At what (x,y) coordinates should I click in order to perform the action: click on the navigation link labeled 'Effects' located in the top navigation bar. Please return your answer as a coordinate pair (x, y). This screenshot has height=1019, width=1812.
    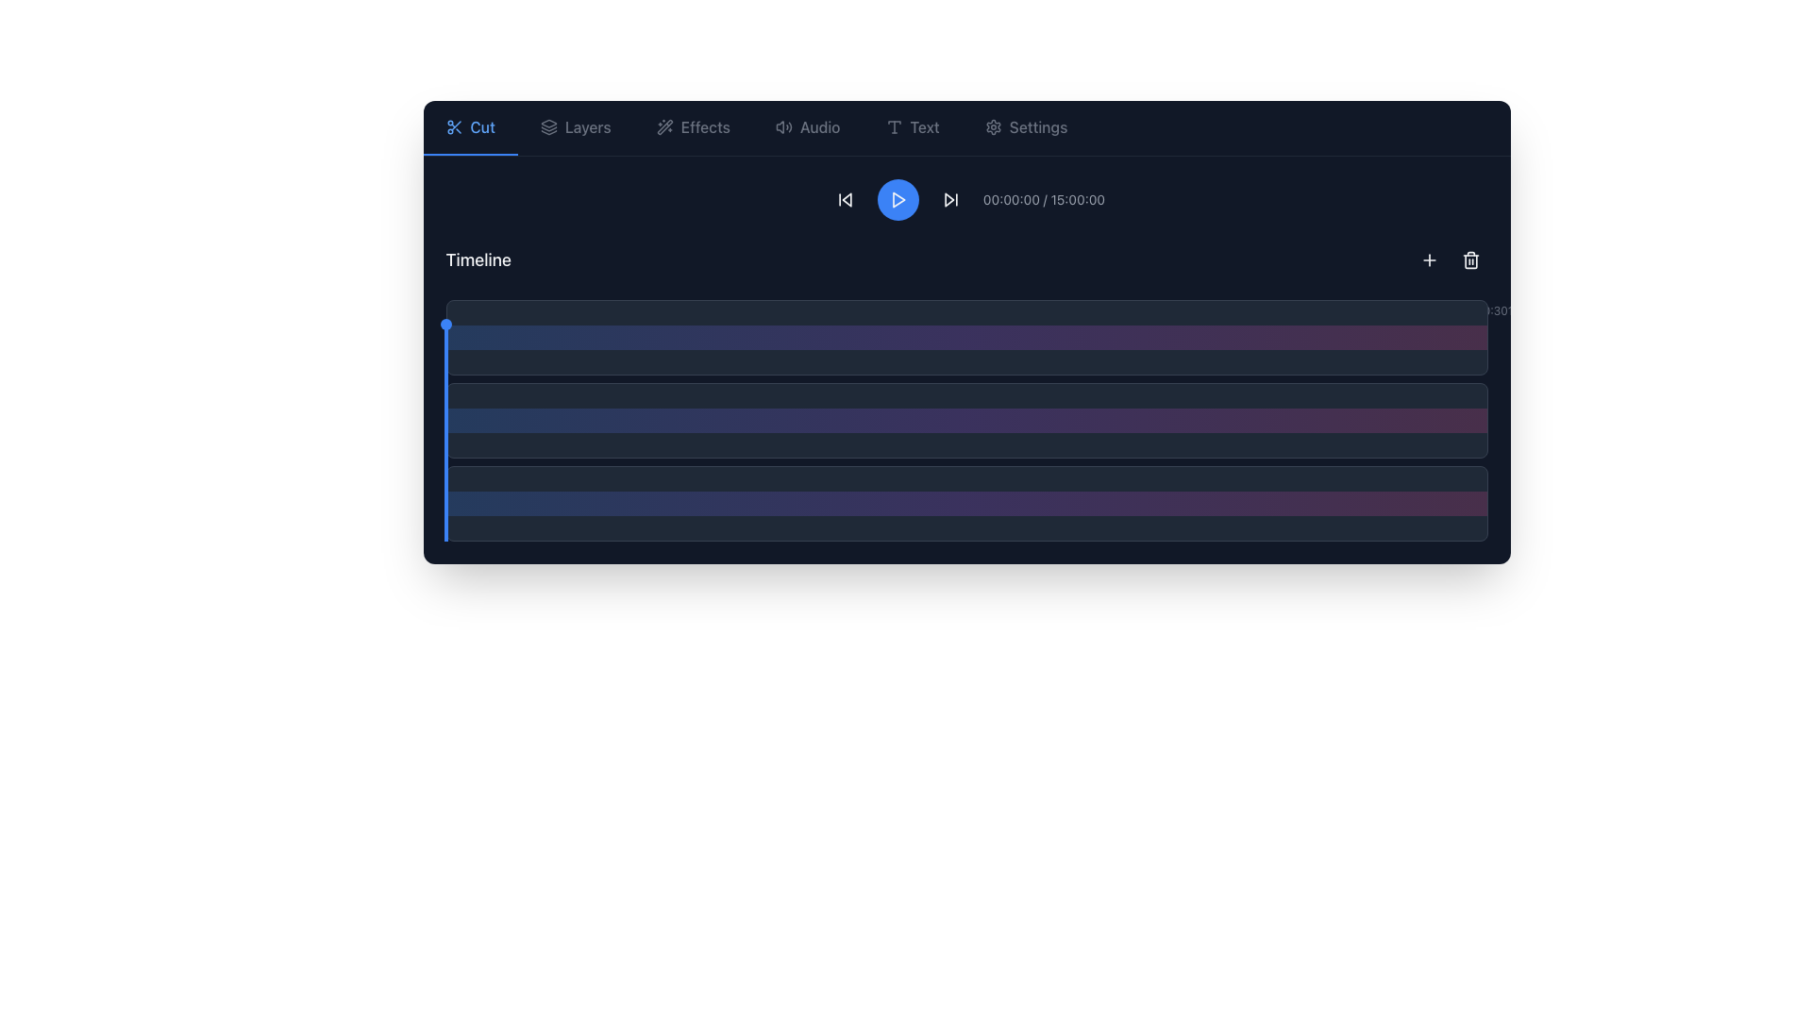
    Looking at the image, I should click on (704, 127).